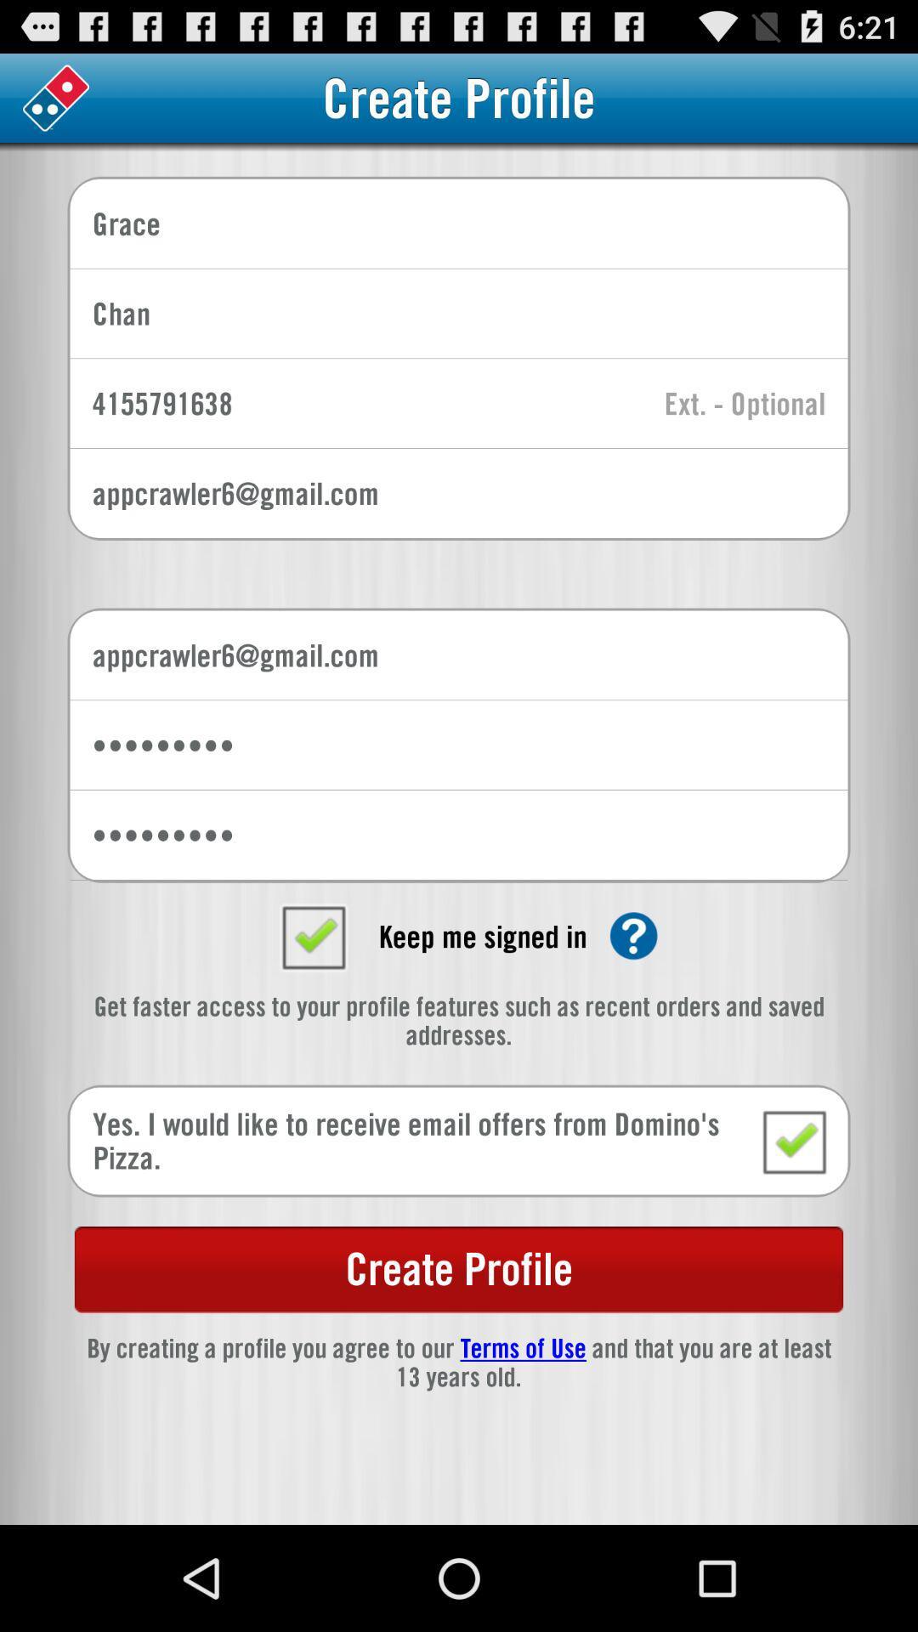 This screenshot has height=1632, width=918. I want to click on entry field, so click(744, 404).